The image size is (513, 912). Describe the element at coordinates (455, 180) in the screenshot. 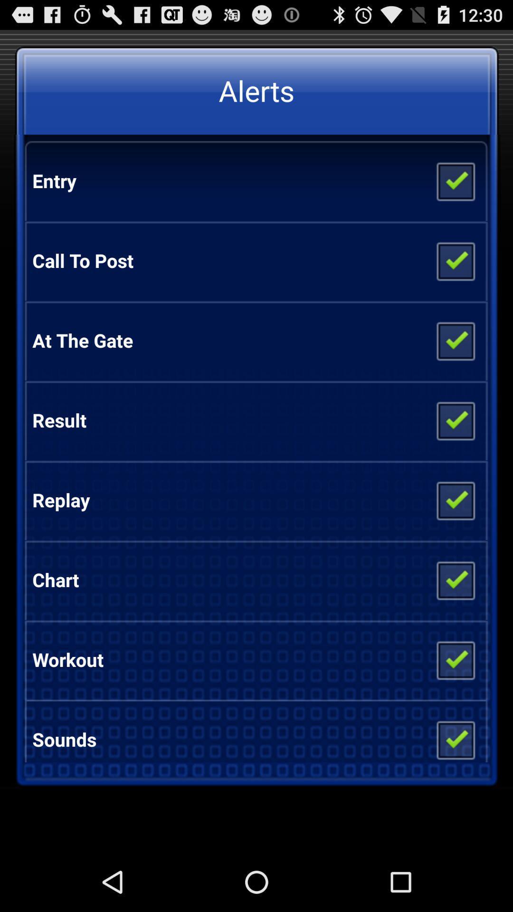

I see `entry alert` at that location.